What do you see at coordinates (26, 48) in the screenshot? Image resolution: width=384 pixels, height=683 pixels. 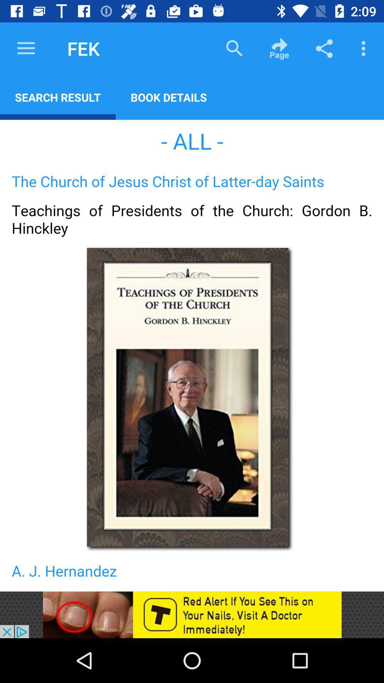 I see `the menu icon` at bounding box center [26, 48].